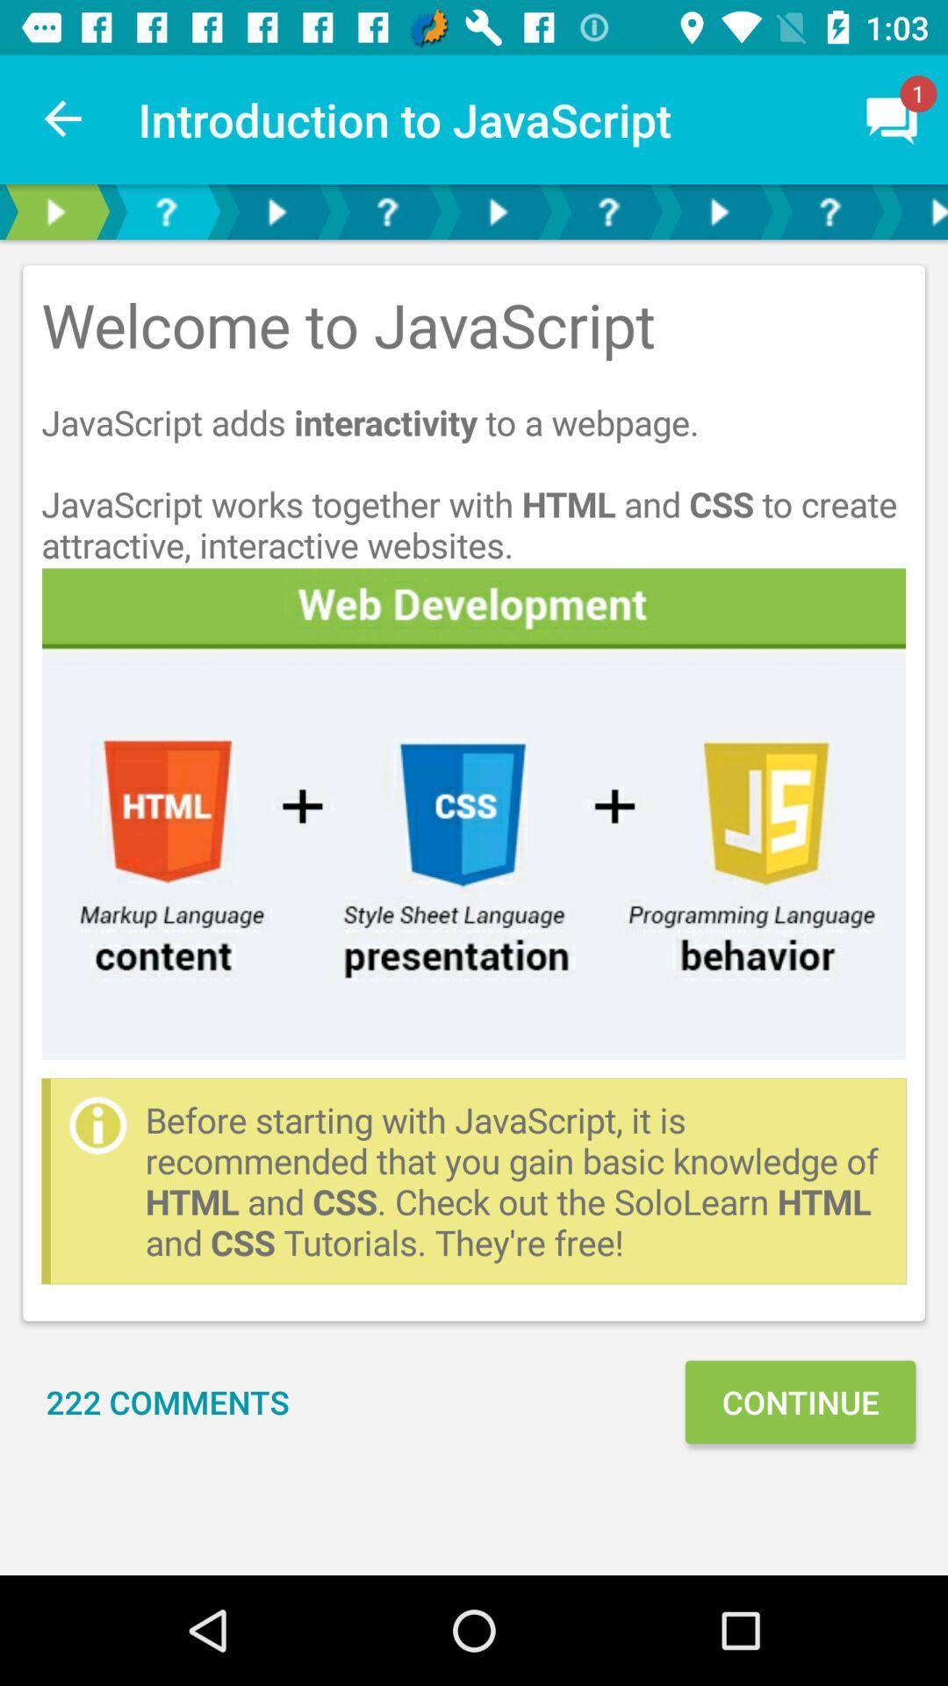 Image resolution: width=948 pixels, height=1686 pixels. What do you see at coordinates (607, 211) in the screenshot?
I see `the help icon` at bounding box center [607, 211].